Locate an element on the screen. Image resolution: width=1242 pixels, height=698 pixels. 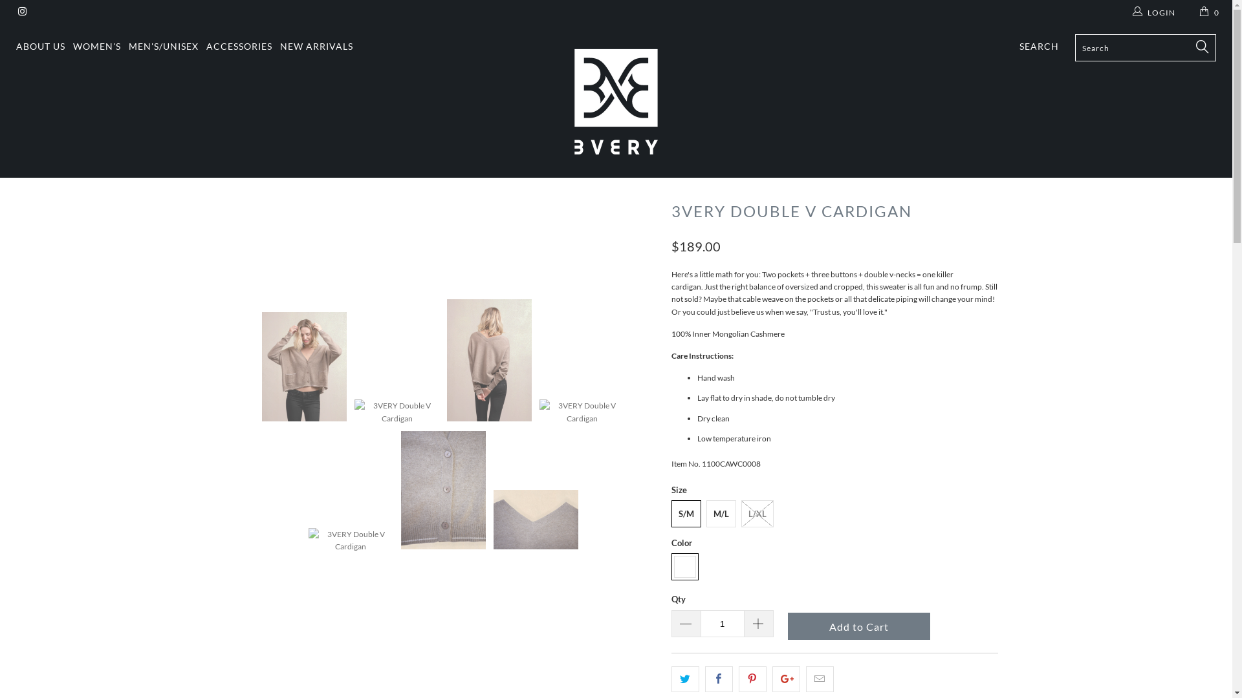
'NEW ARRIVALS' is located at coordinates (316, 46).